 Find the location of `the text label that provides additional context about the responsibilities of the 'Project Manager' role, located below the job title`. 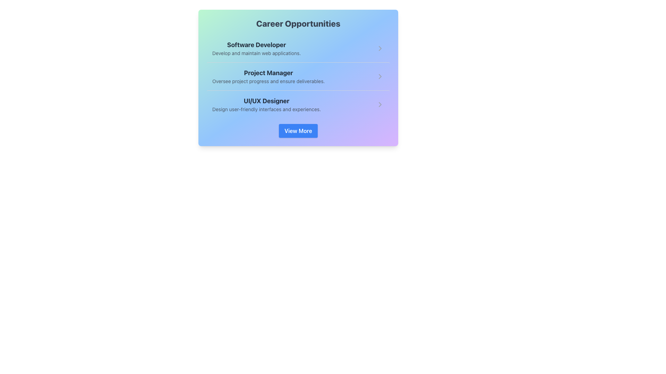

the text label that provides additional context about the responsibilities of the 'Project Manager' role, located below the job title is located at coordinates (268, 81).